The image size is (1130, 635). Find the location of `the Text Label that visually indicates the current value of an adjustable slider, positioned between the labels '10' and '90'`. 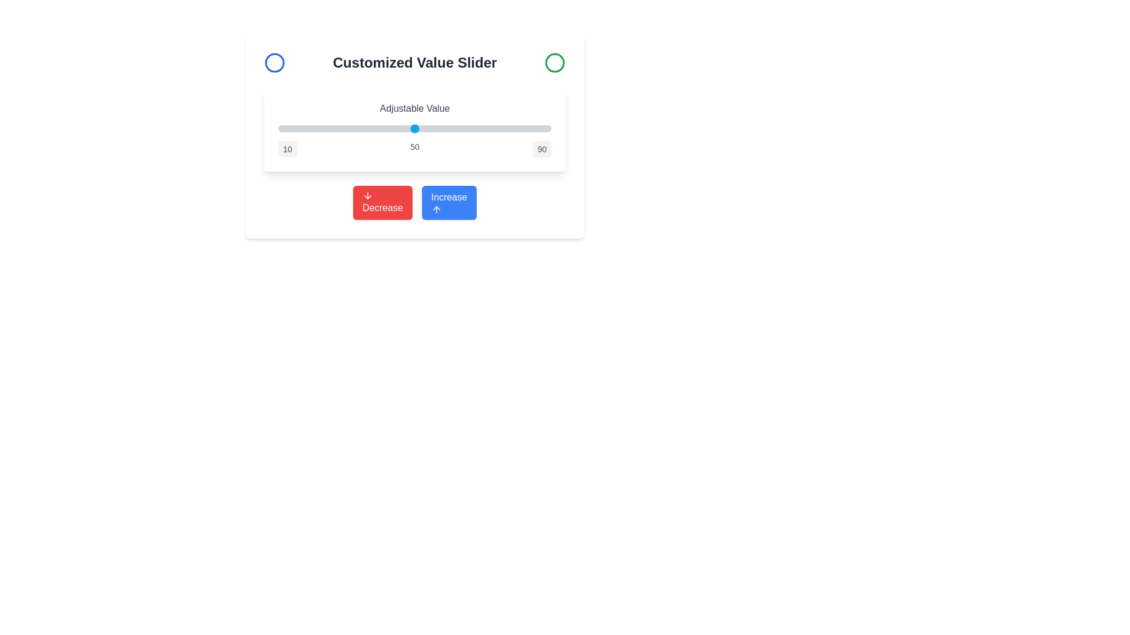

the Text Label that visually indicates the current value of an adjustable slider, positioned between the labels '10' and '90' is located at coordinates (415, 149).